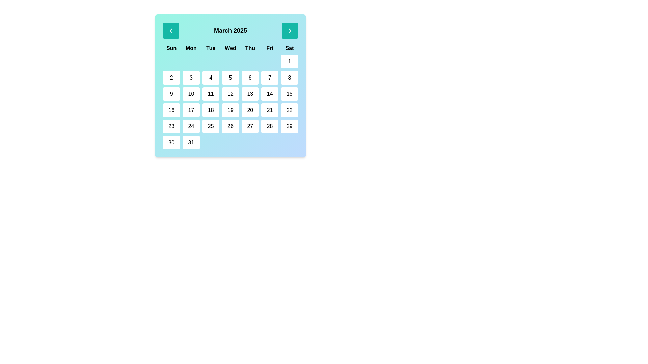 The height and width of the screenshot is (364, 648). Describe the element at coordinates (210, 126) in the screenshot. I see `the rounded rectangular button displaying the number 25, located in the bottom-right quadrant of the calendar component, to change its background color to teal` at that location.